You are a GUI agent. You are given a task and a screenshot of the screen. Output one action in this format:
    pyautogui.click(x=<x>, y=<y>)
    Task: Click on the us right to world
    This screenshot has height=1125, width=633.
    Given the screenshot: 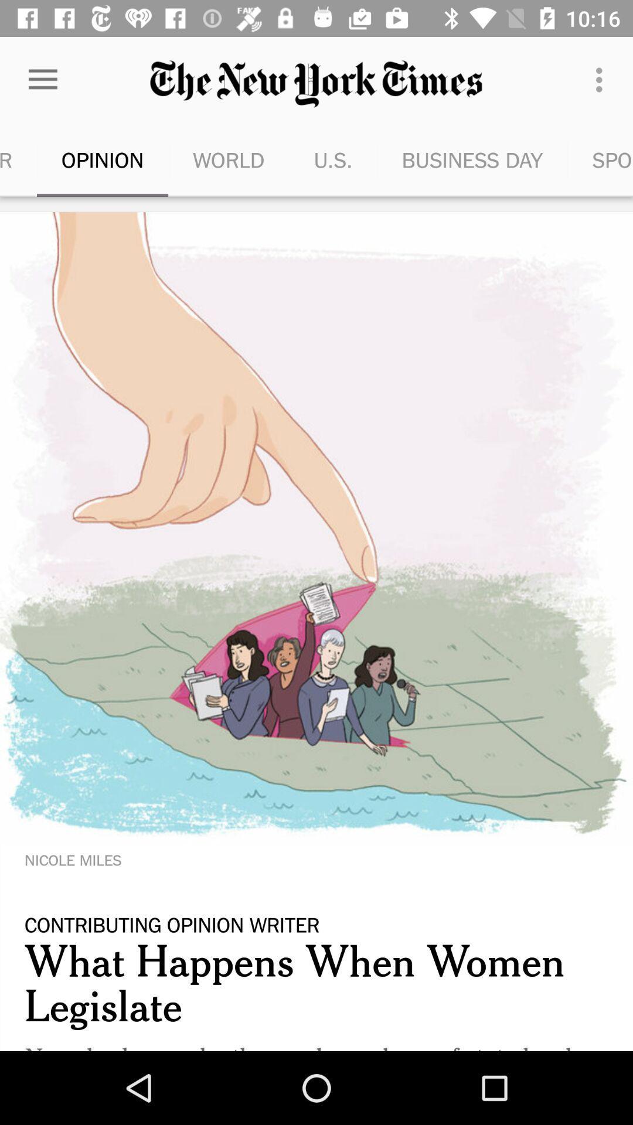 What is the action you would take?
    pyautogui.click(x=333, y=159)
    